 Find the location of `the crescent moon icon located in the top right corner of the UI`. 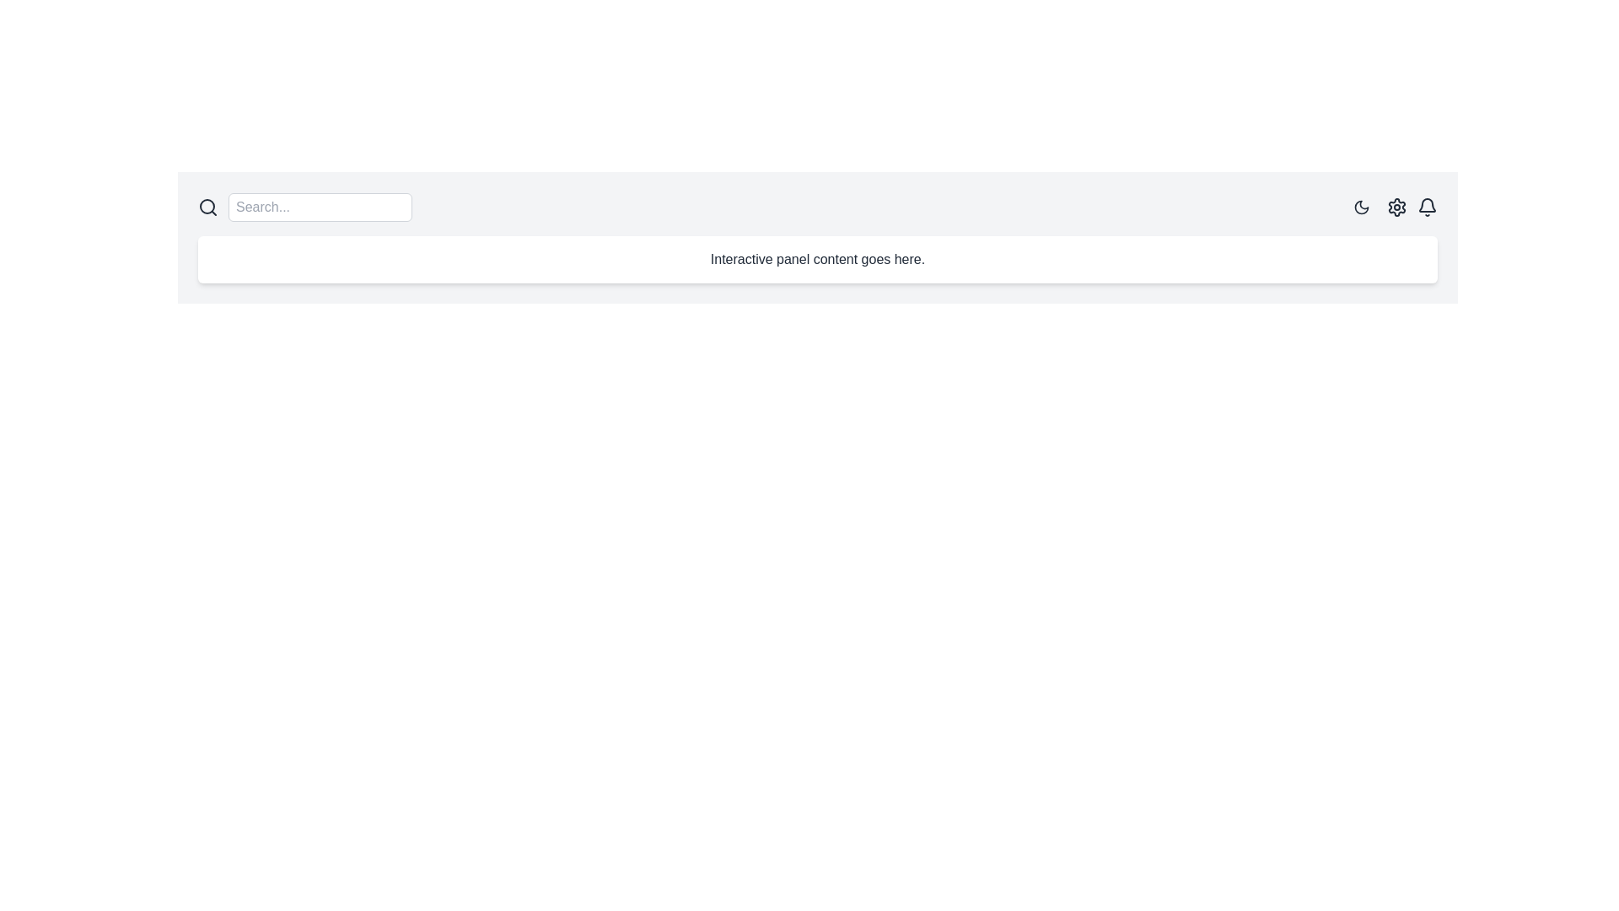

the crescent moon icon located in the top right corner of the UI is located at coordinates (1361, 207).